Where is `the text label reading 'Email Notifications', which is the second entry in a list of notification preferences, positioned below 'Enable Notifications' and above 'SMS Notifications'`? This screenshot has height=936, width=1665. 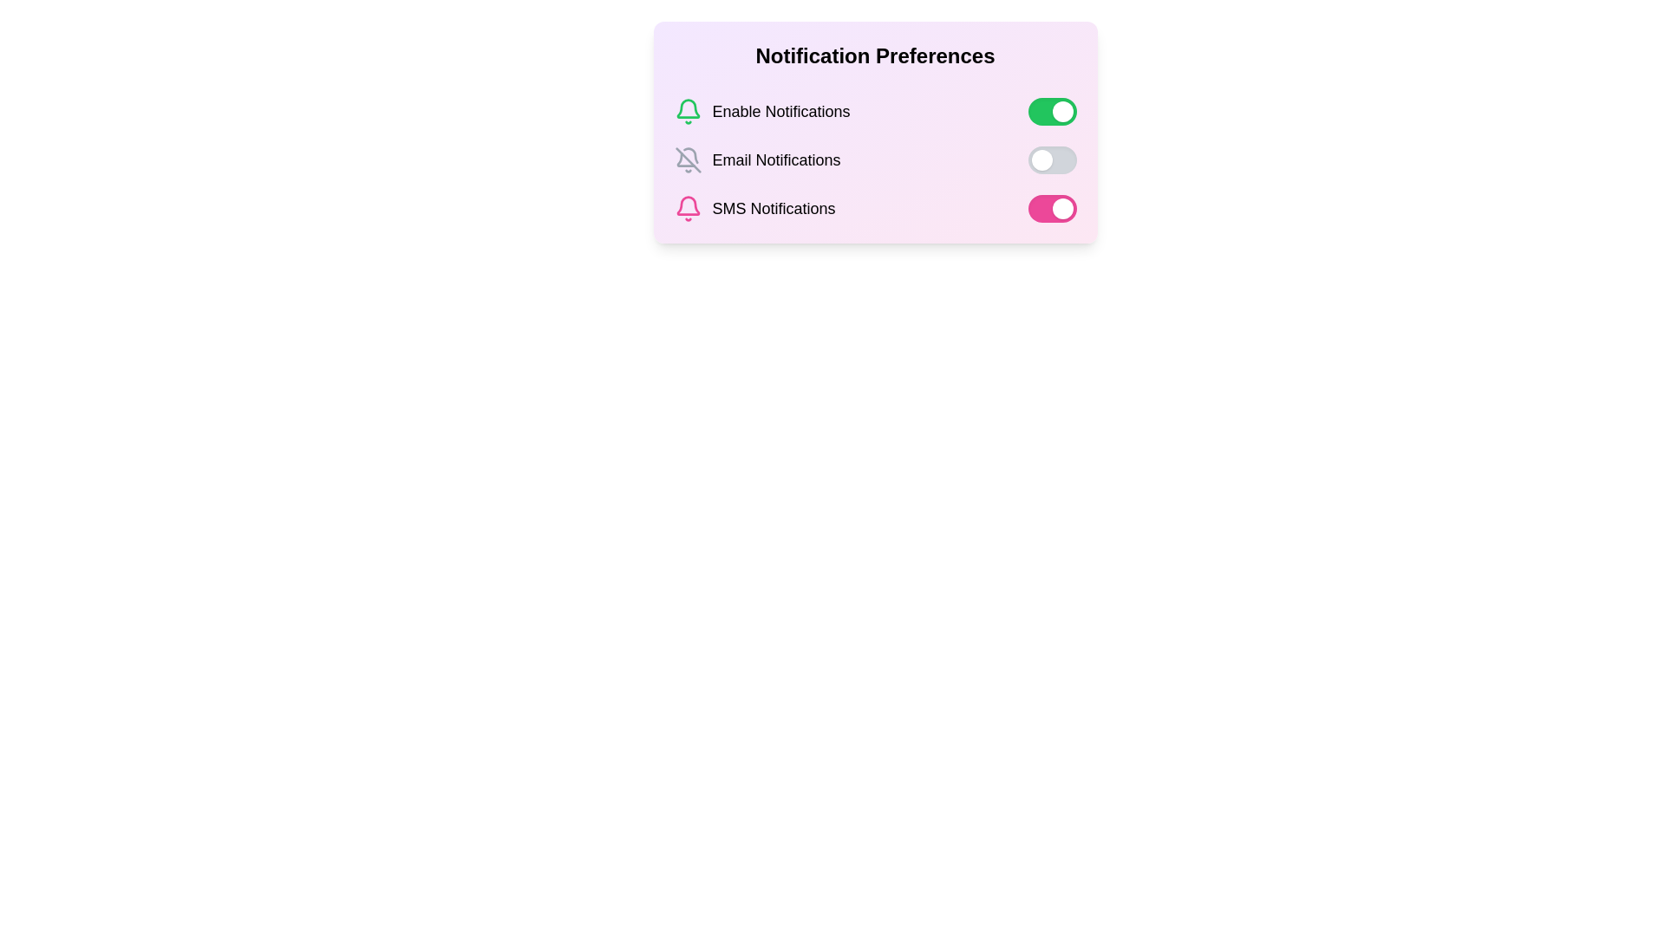 the text label reading 'Email Notifications', which is the second entry in a list of notification preferences, positioned below 'Enable Notifications' and above 'SMS Notifications' is located at coordinates (775, 160).